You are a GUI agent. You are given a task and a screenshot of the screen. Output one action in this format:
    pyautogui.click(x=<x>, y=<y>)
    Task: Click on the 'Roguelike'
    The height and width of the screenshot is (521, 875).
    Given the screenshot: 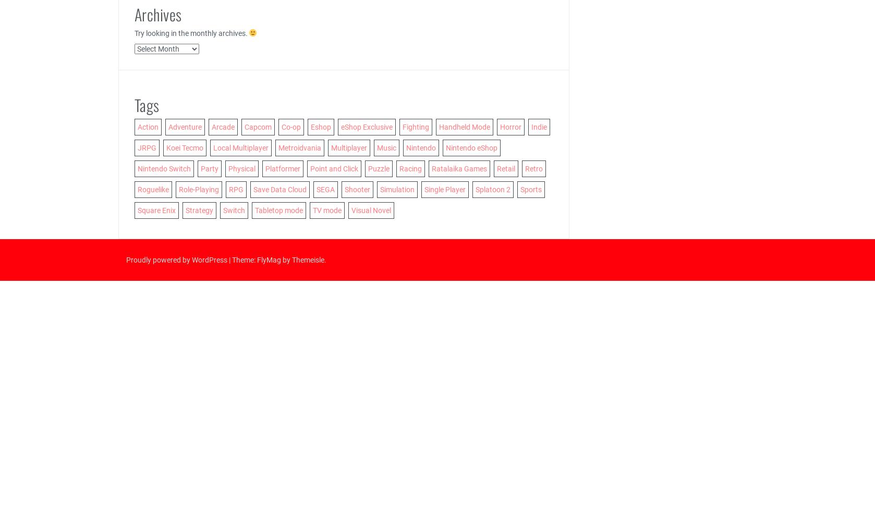 What is the action you would take?
    pyautogui.click(x=137, y=189)
    